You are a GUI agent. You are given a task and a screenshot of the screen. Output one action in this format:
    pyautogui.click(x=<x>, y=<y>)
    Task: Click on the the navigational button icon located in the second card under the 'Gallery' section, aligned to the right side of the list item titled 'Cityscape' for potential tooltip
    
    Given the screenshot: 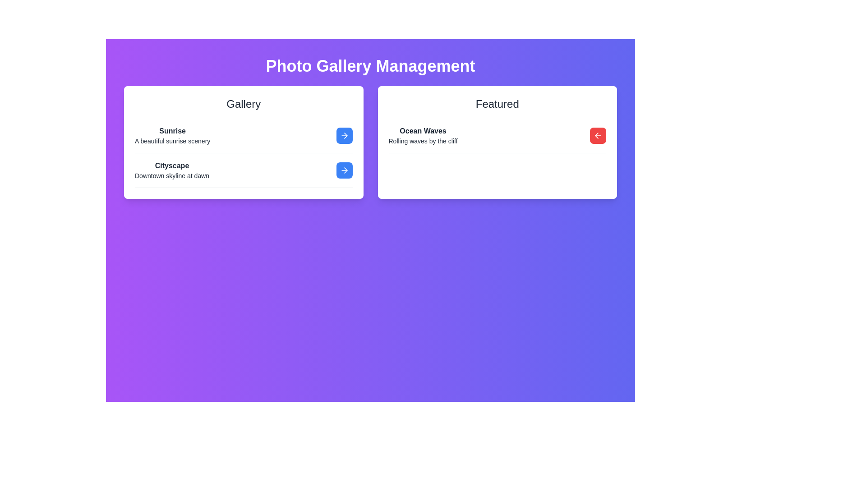 What is the action you would take?
    pyautogui.click(x=345, y=170)
    